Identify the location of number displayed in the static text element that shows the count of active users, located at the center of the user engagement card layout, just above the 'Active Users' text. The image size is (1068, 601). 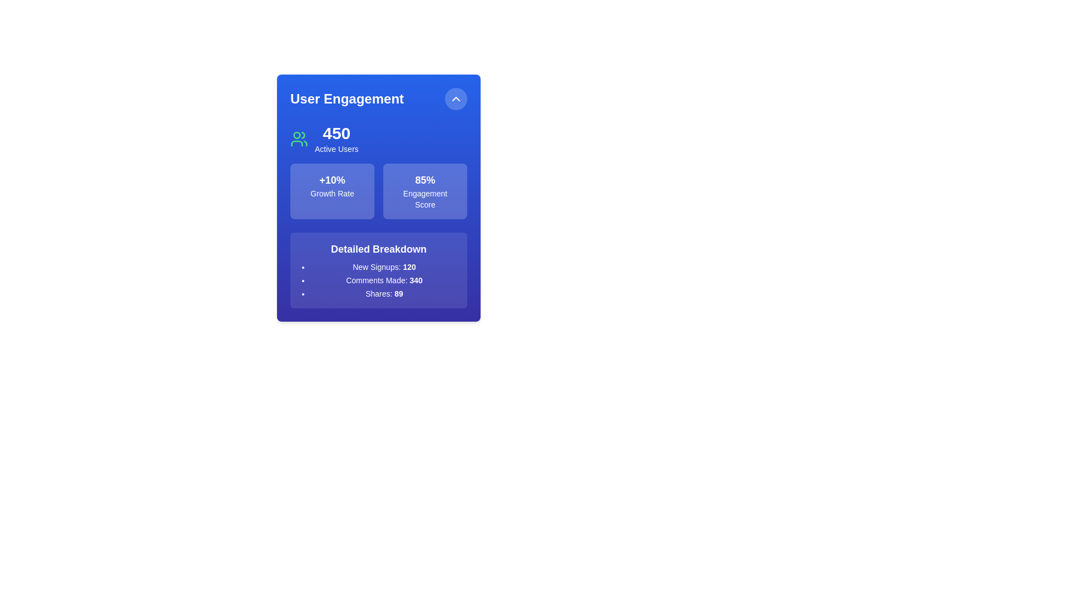
(336, 132).